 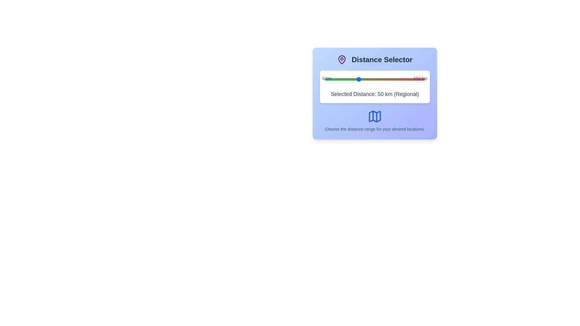 What do you see at coordinates (401, 79) in the screenshot?
I see `the slider to set the distance to 115 km` at bounding box center [401, 79].